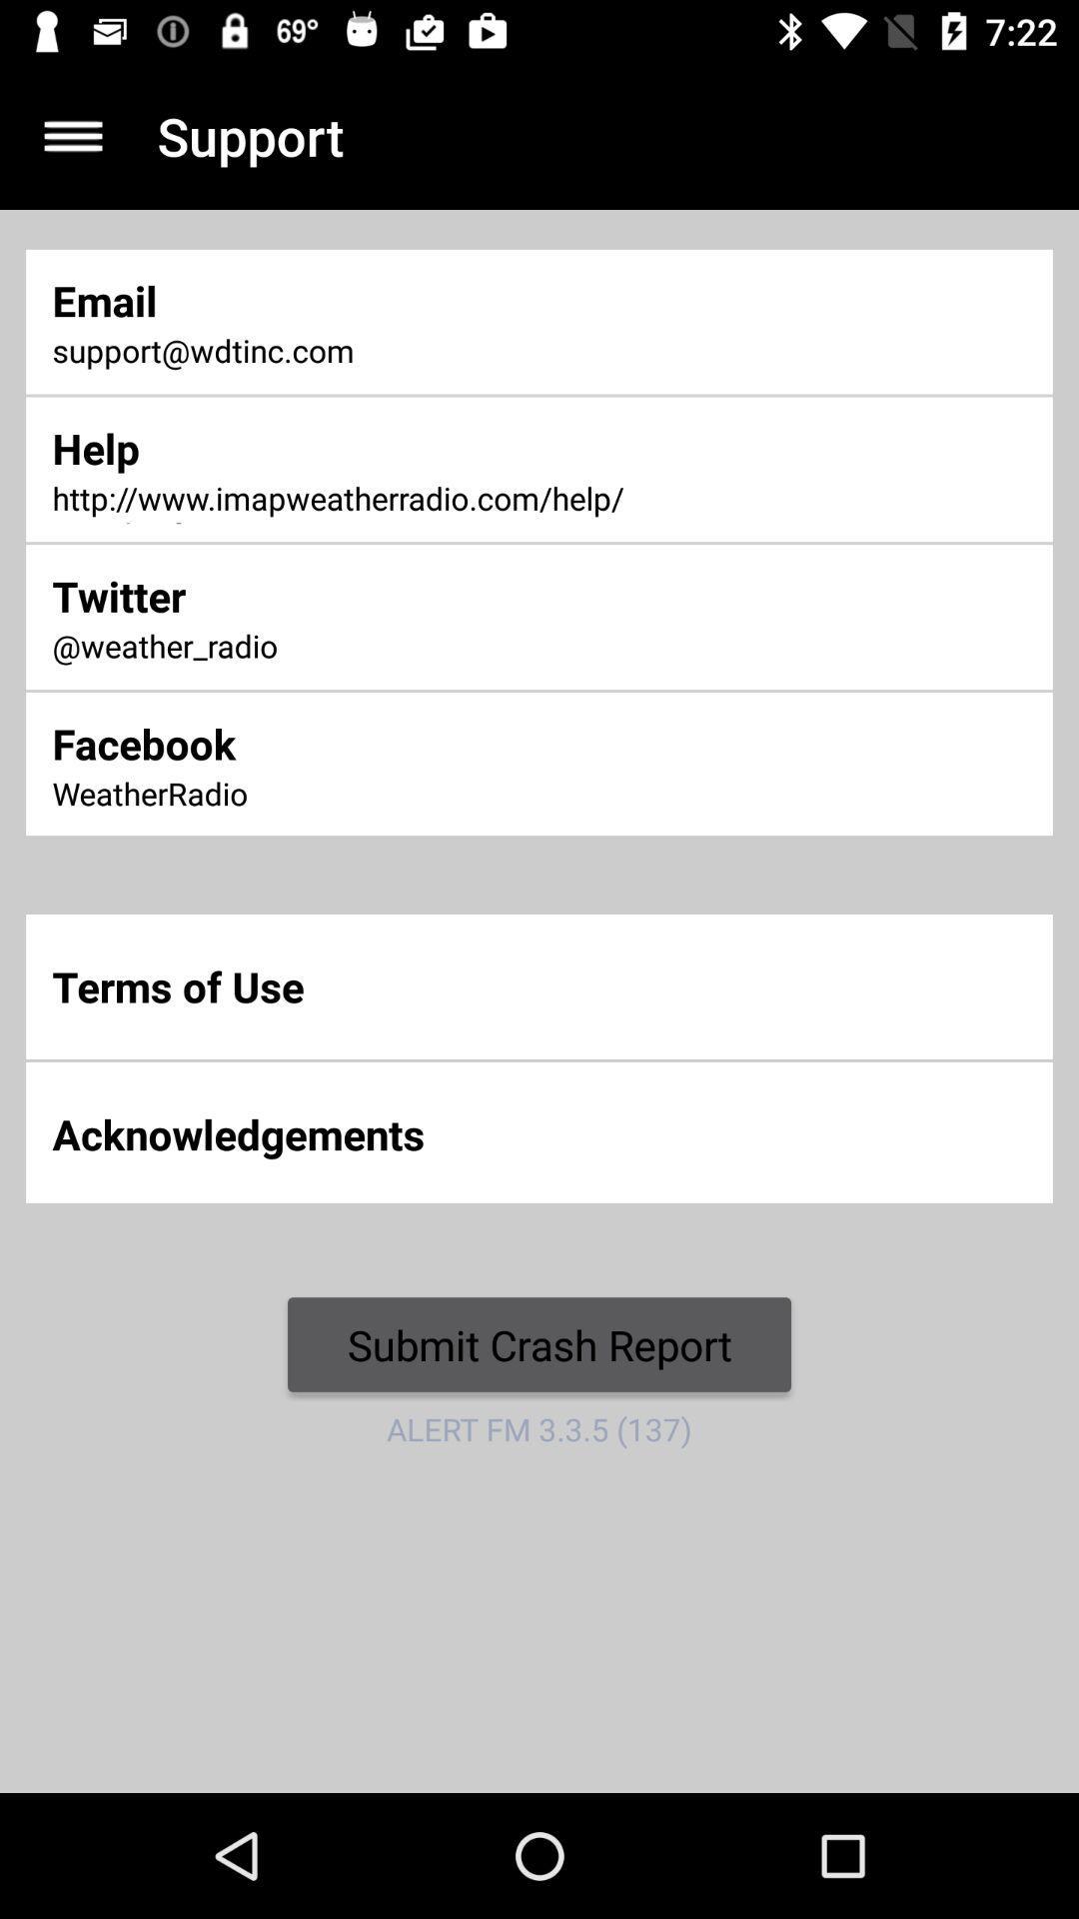  Describe the element at coordinates (72, 135) in the screenshot. I see `open menubar` at that location.